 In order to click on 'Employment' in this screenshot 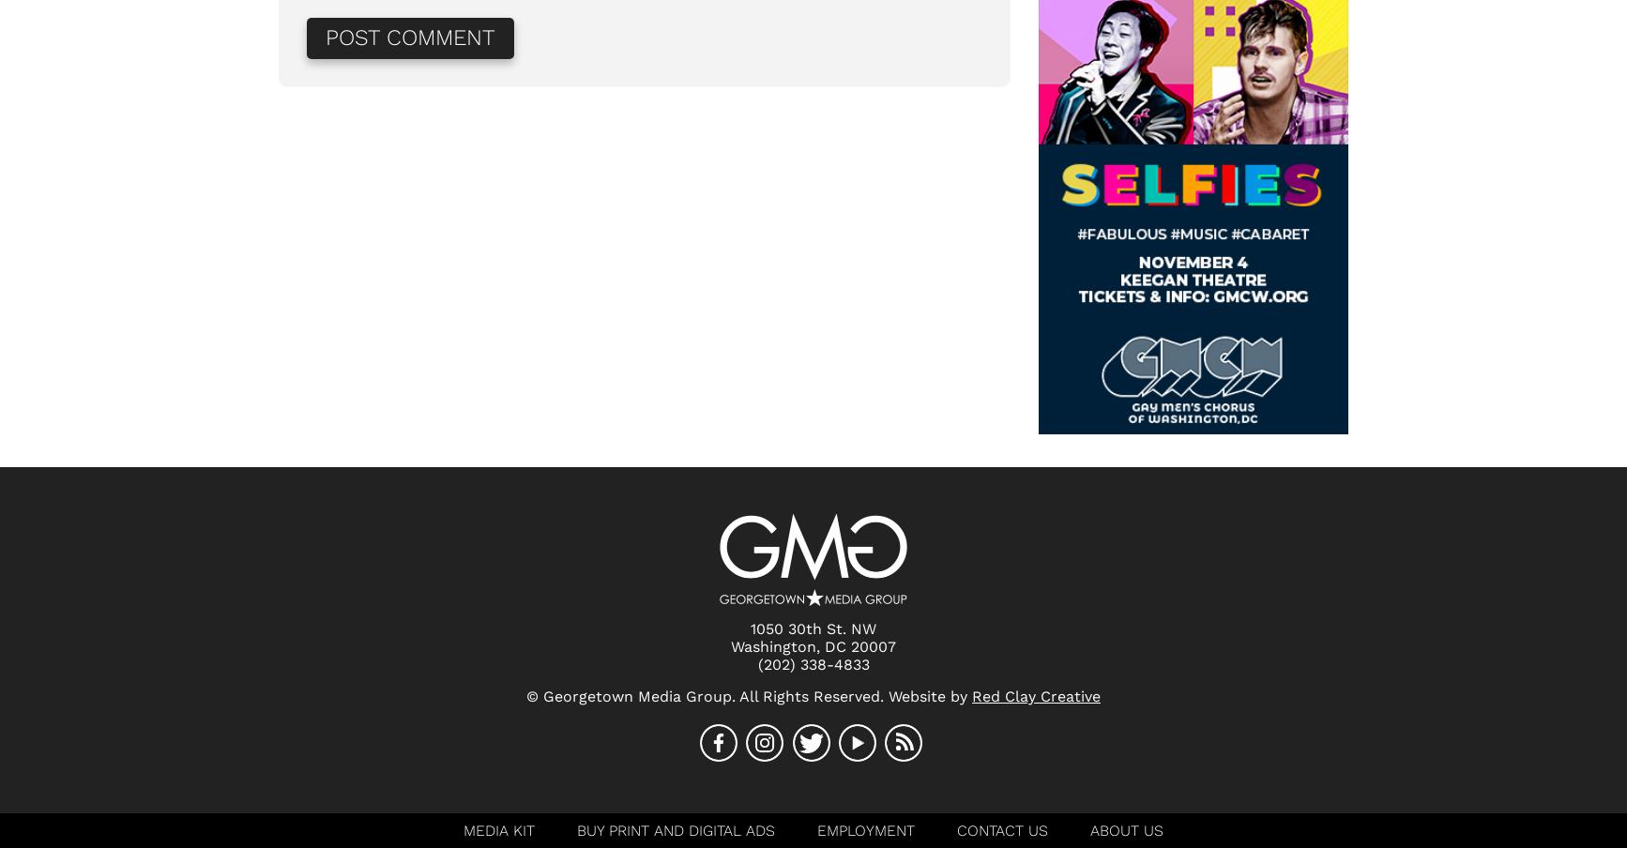, I will do `click(866, 830)`.